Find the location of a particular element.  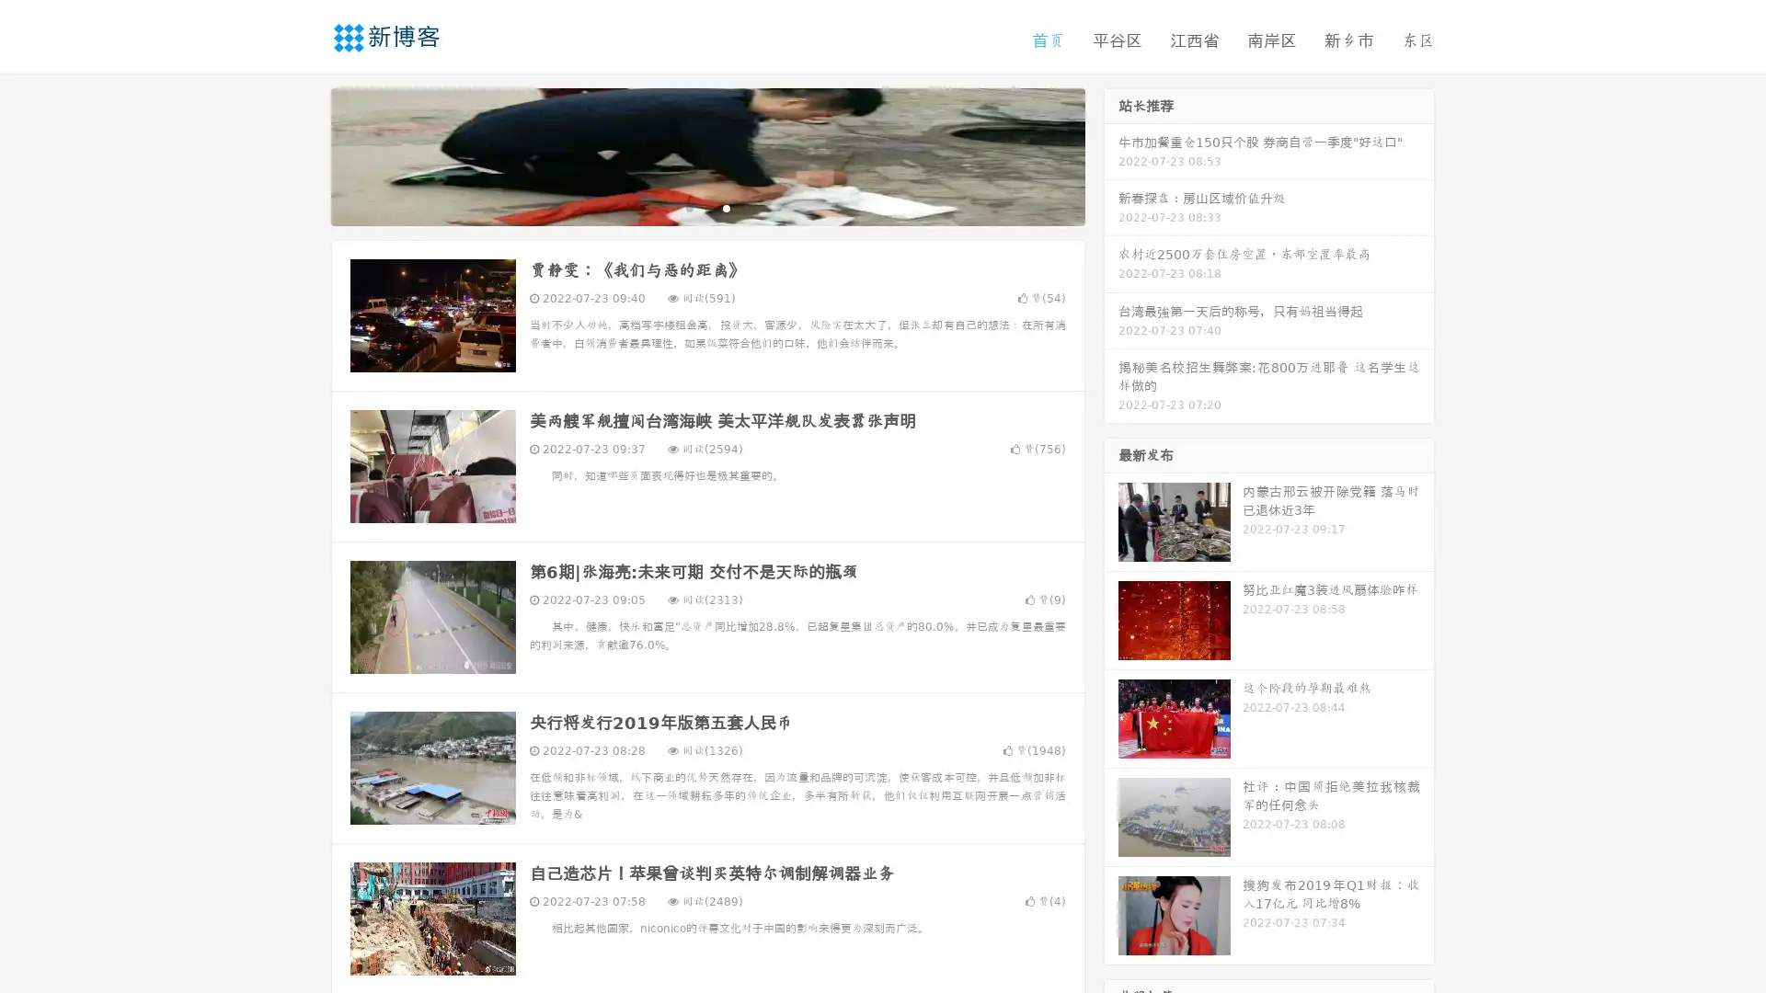

Go to slide 1 is located at coordinates (688, 207).